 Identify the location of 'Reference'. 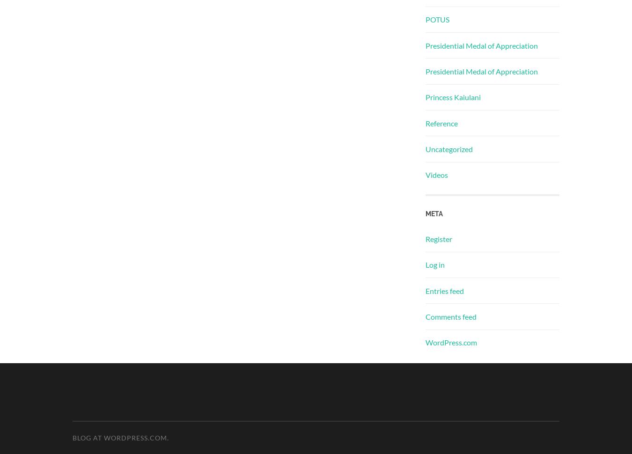
(441, 122).